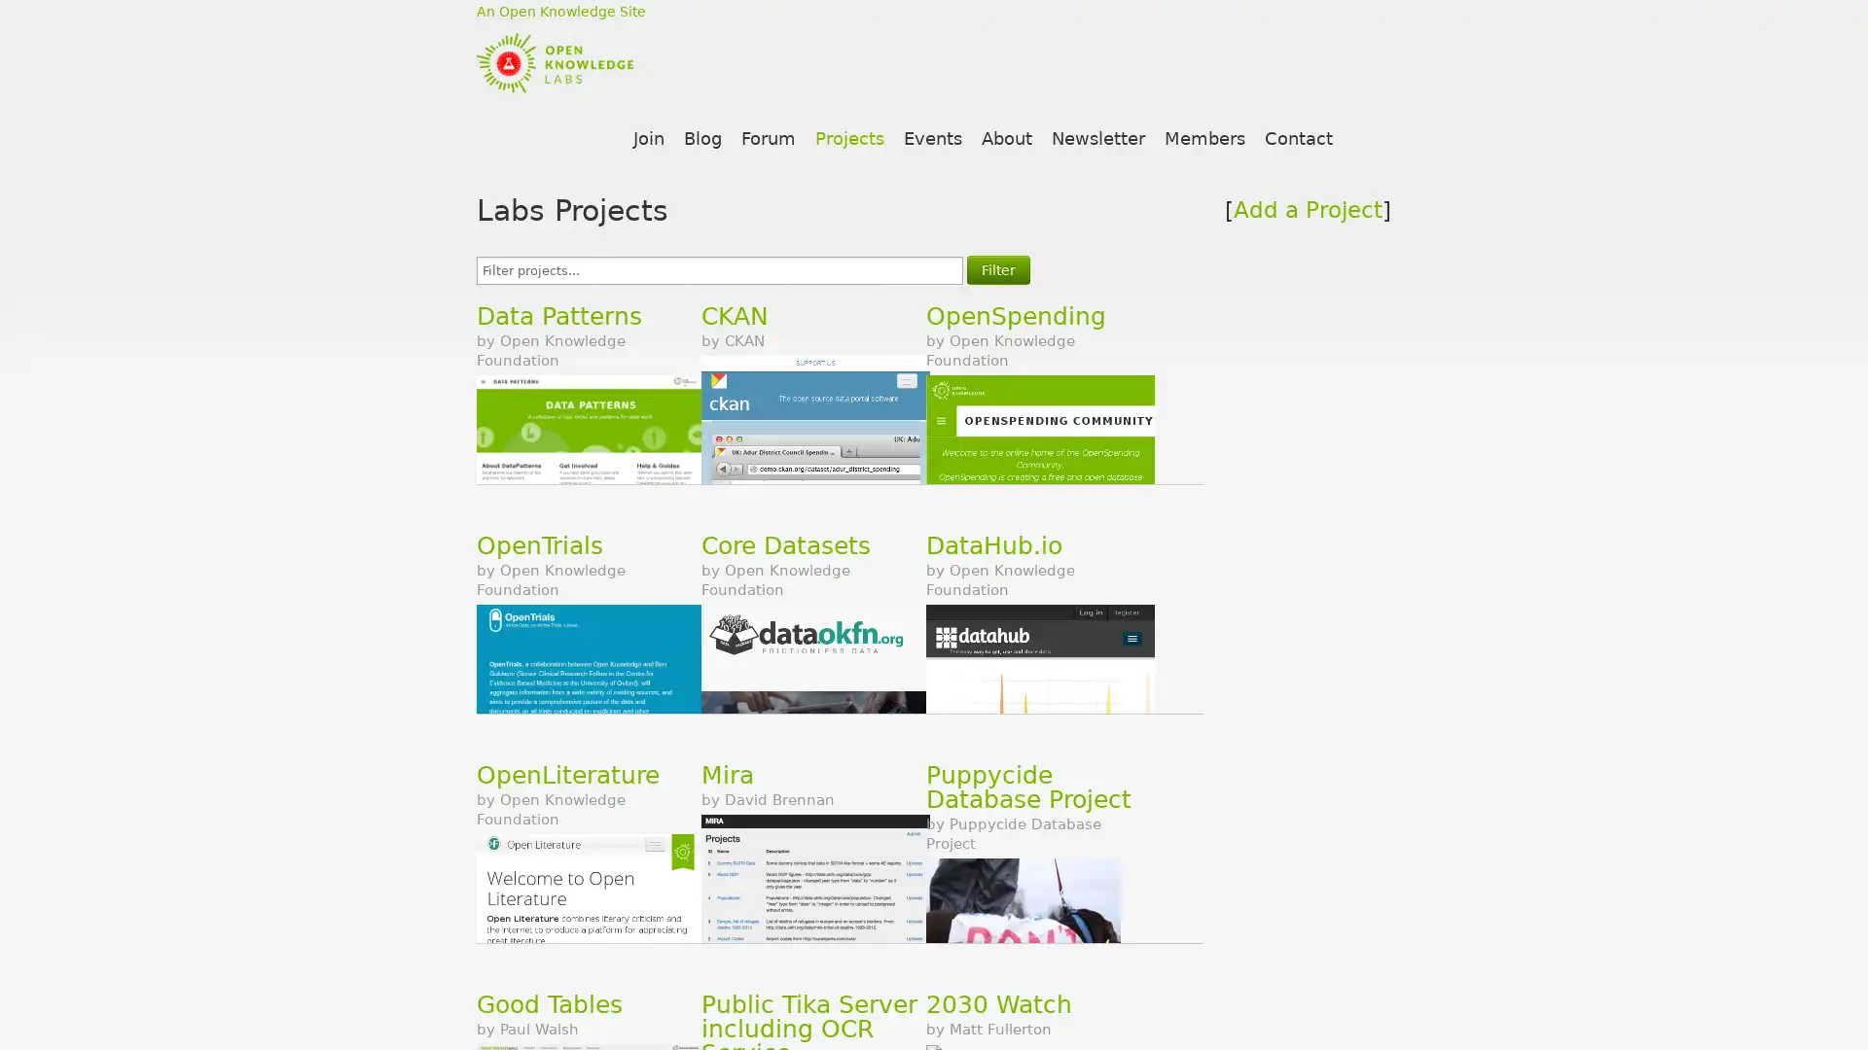 The height and width of the screenshot is (1050, 1868). I want to click on Filter, so click(998, 269).